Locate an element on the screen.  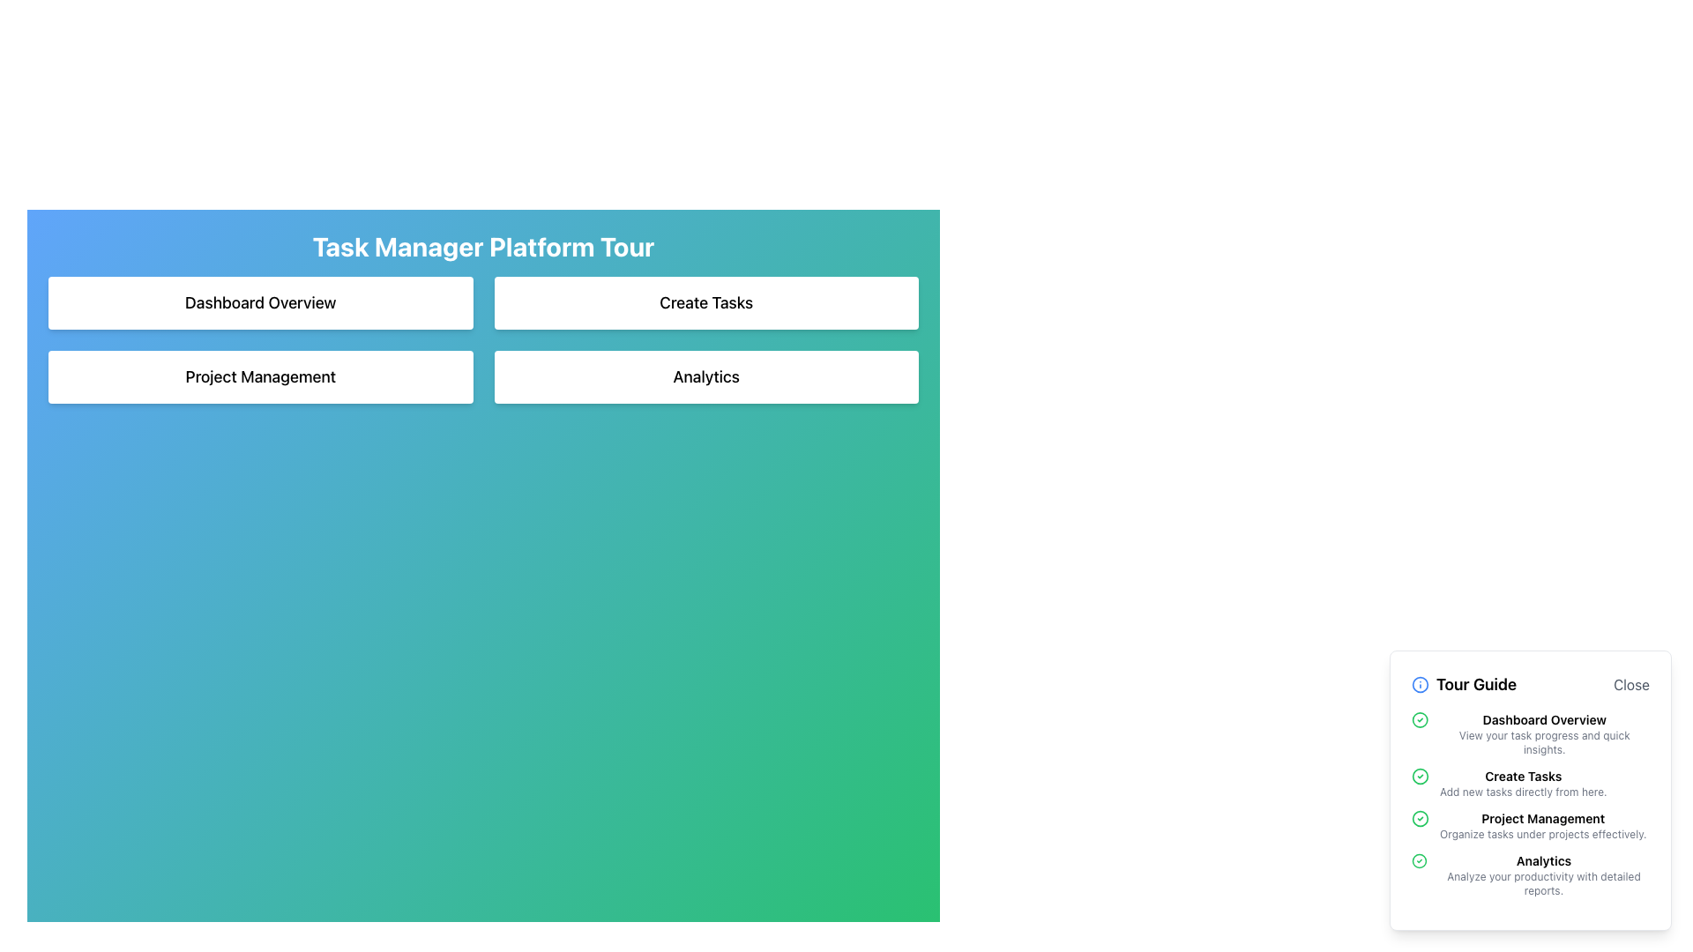
the informational icon located in the header of the 'Tour Guide' section, positioned to the left of the text title 'Tour Guide' is located at coordinates (1421, 683).